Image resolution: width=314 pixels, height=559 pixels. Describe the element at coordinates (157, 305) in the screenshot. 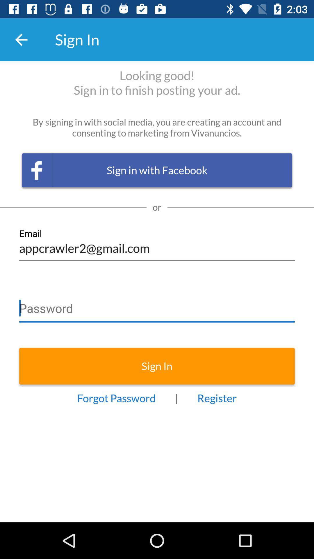

I see `the item below appcrawler2@gmail.com icon` at that location.